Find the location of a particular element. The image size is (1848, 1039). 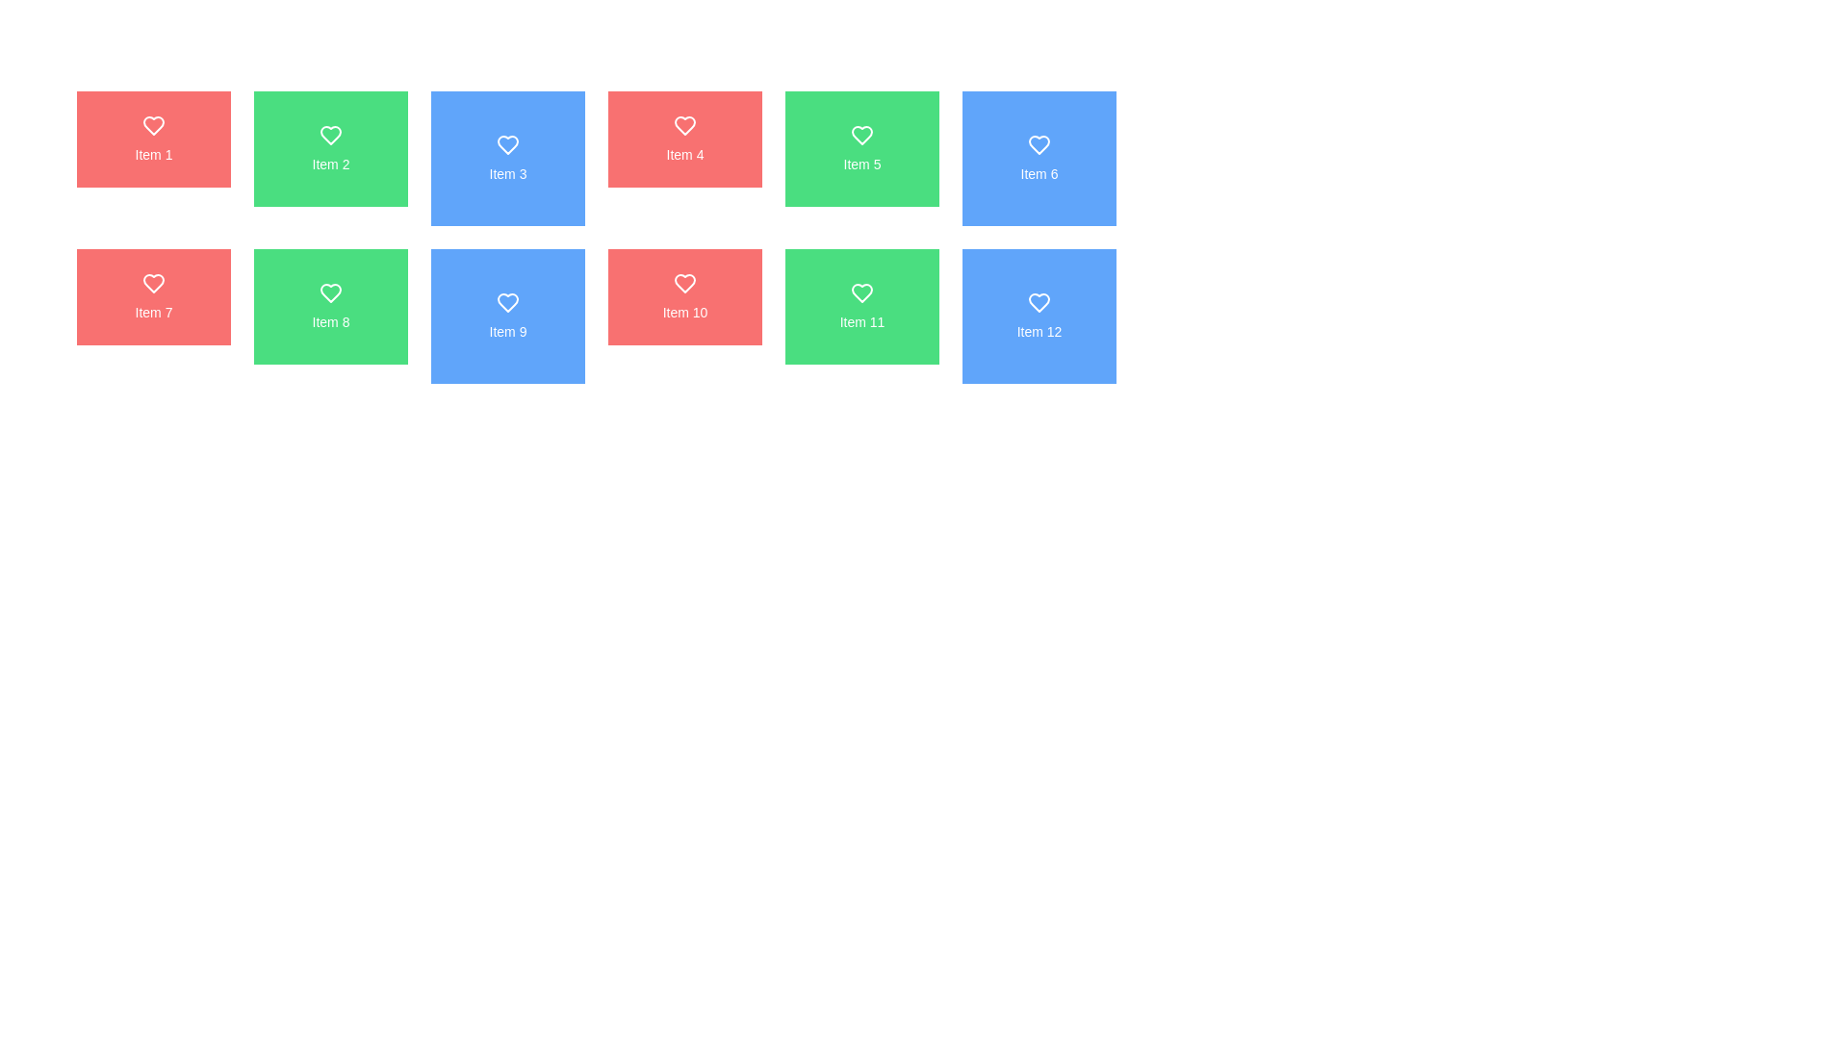

the heart-shaped icon in the card labeled 'Item 11' is located at coordinates (861, 292).